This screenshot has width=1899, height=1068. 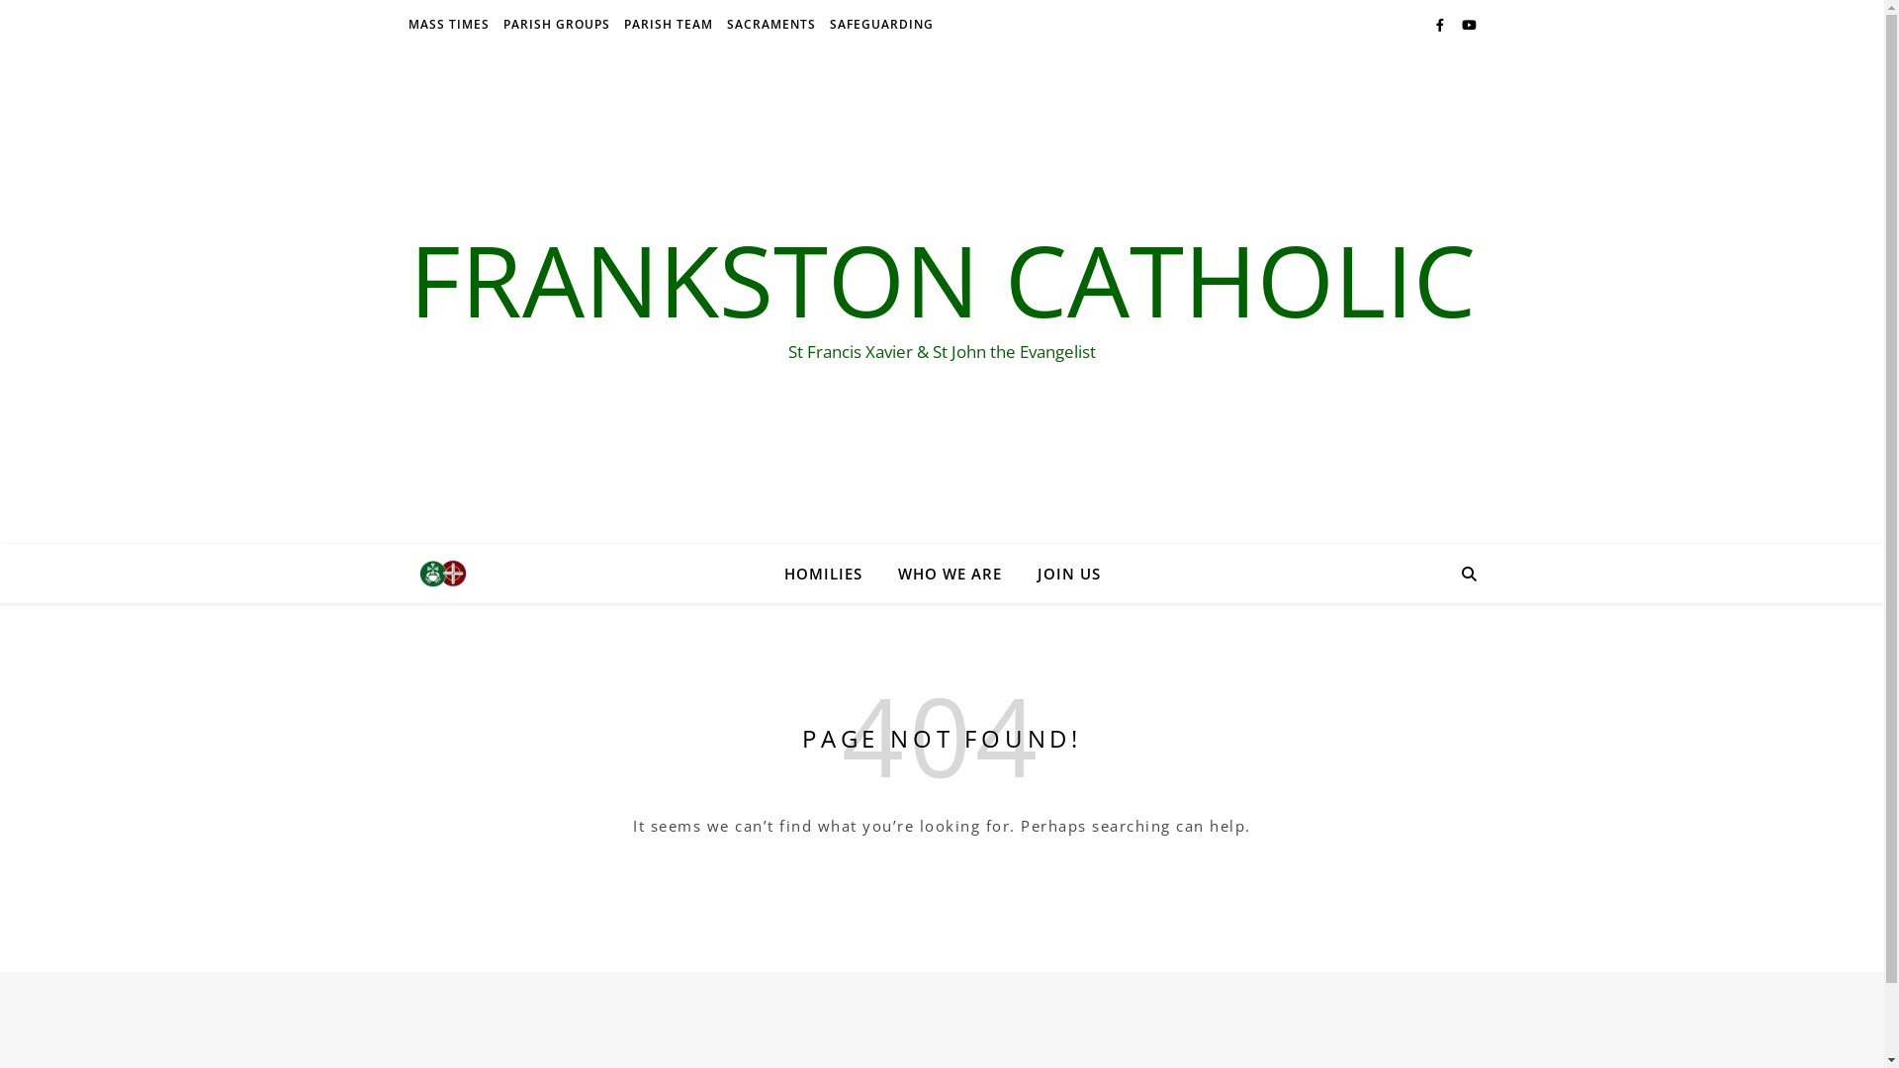 What do you see at coordinates (555, 24) in the screenshot?
I see `'PARISH GROUPS'` at bounding box center [555, 24].